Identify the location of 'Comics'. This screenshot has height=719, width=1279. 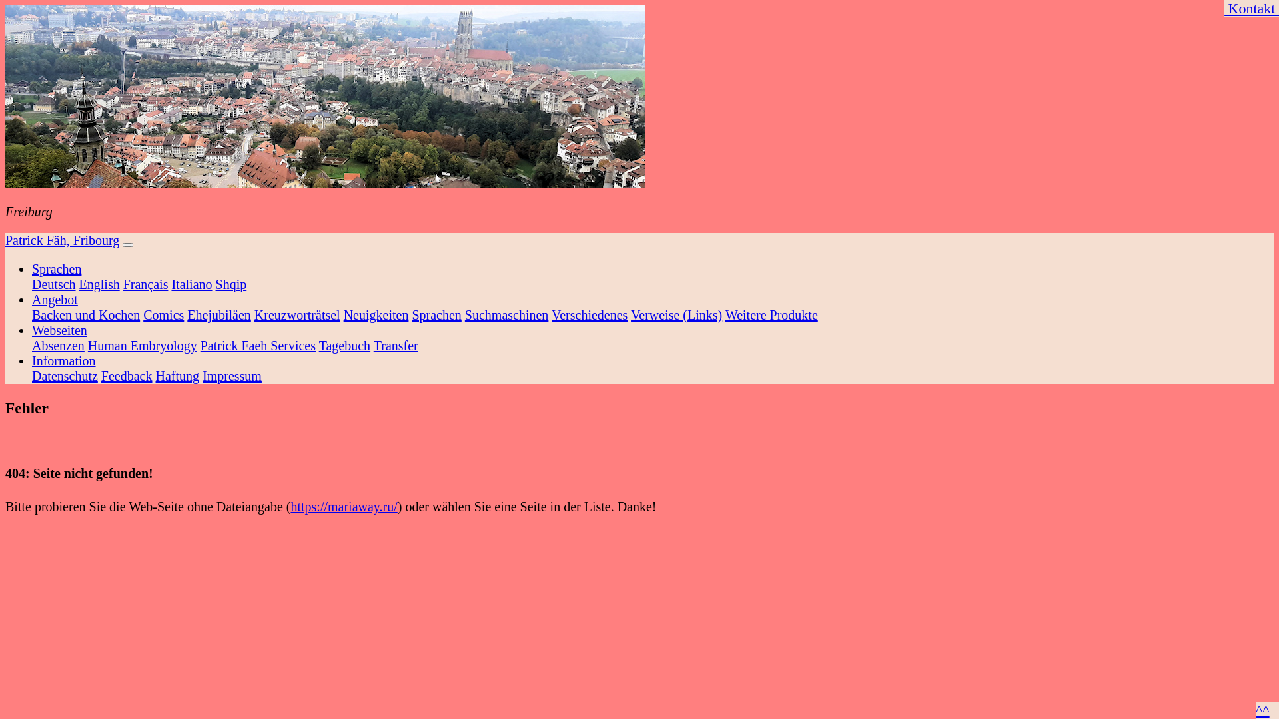
(143, 315).